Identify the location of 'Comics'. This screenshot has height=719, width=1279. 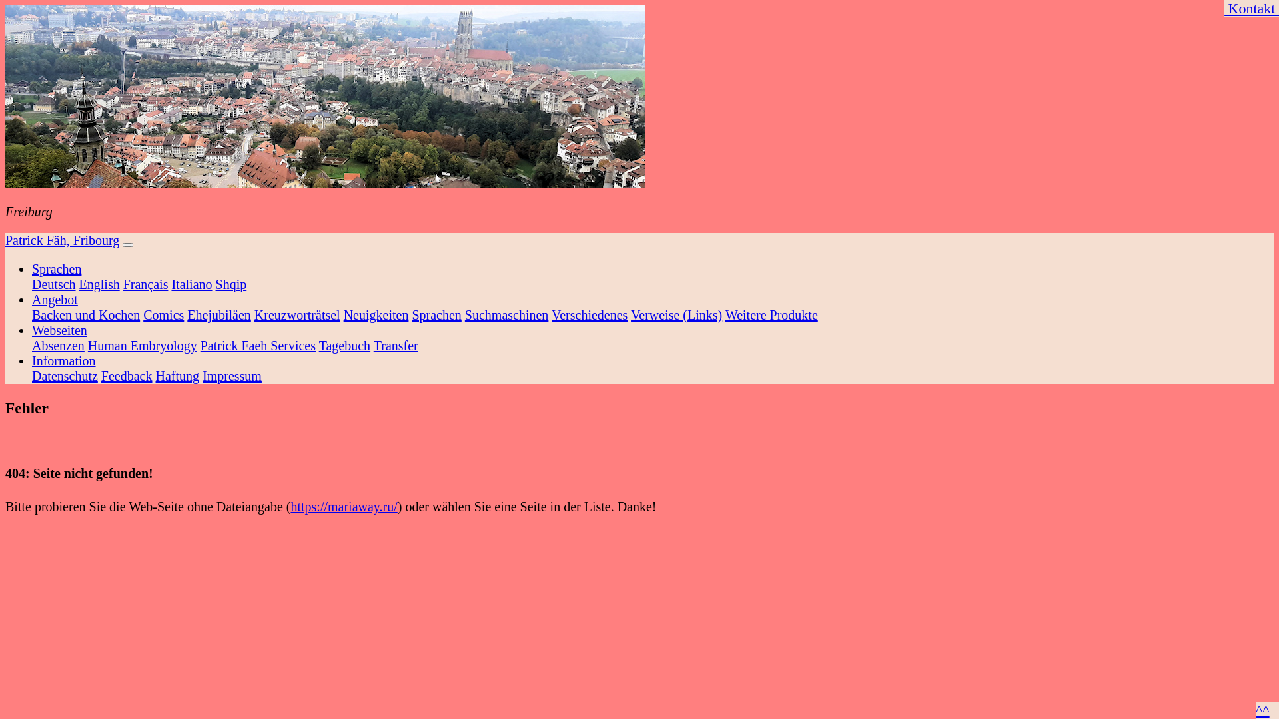
(143, 315).